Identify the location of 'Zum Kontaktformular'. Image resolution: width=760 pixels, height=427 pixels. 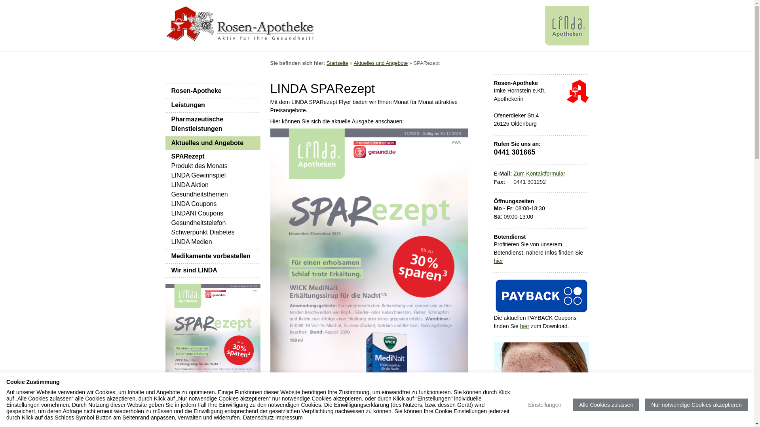
(539, 173).